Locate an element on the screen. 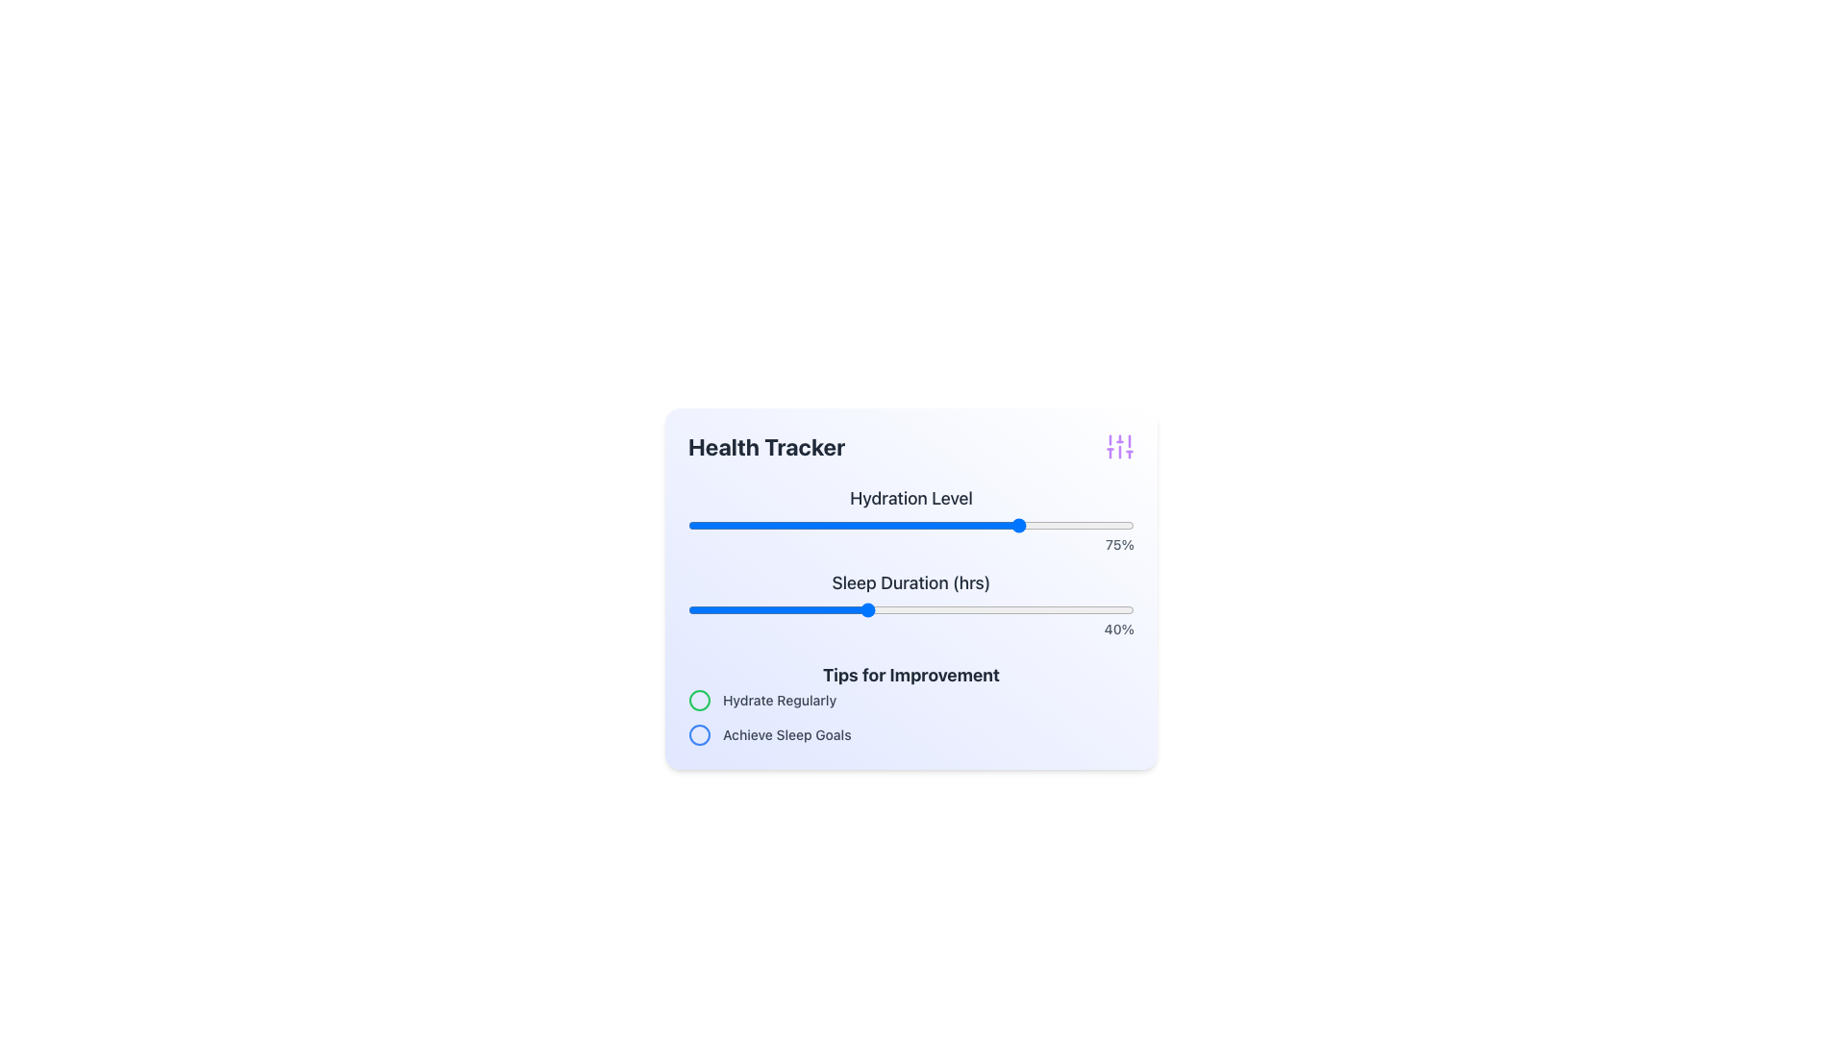 The image size is (1846, 1038). the sleep duration slider is located at coordinates (786, 610).